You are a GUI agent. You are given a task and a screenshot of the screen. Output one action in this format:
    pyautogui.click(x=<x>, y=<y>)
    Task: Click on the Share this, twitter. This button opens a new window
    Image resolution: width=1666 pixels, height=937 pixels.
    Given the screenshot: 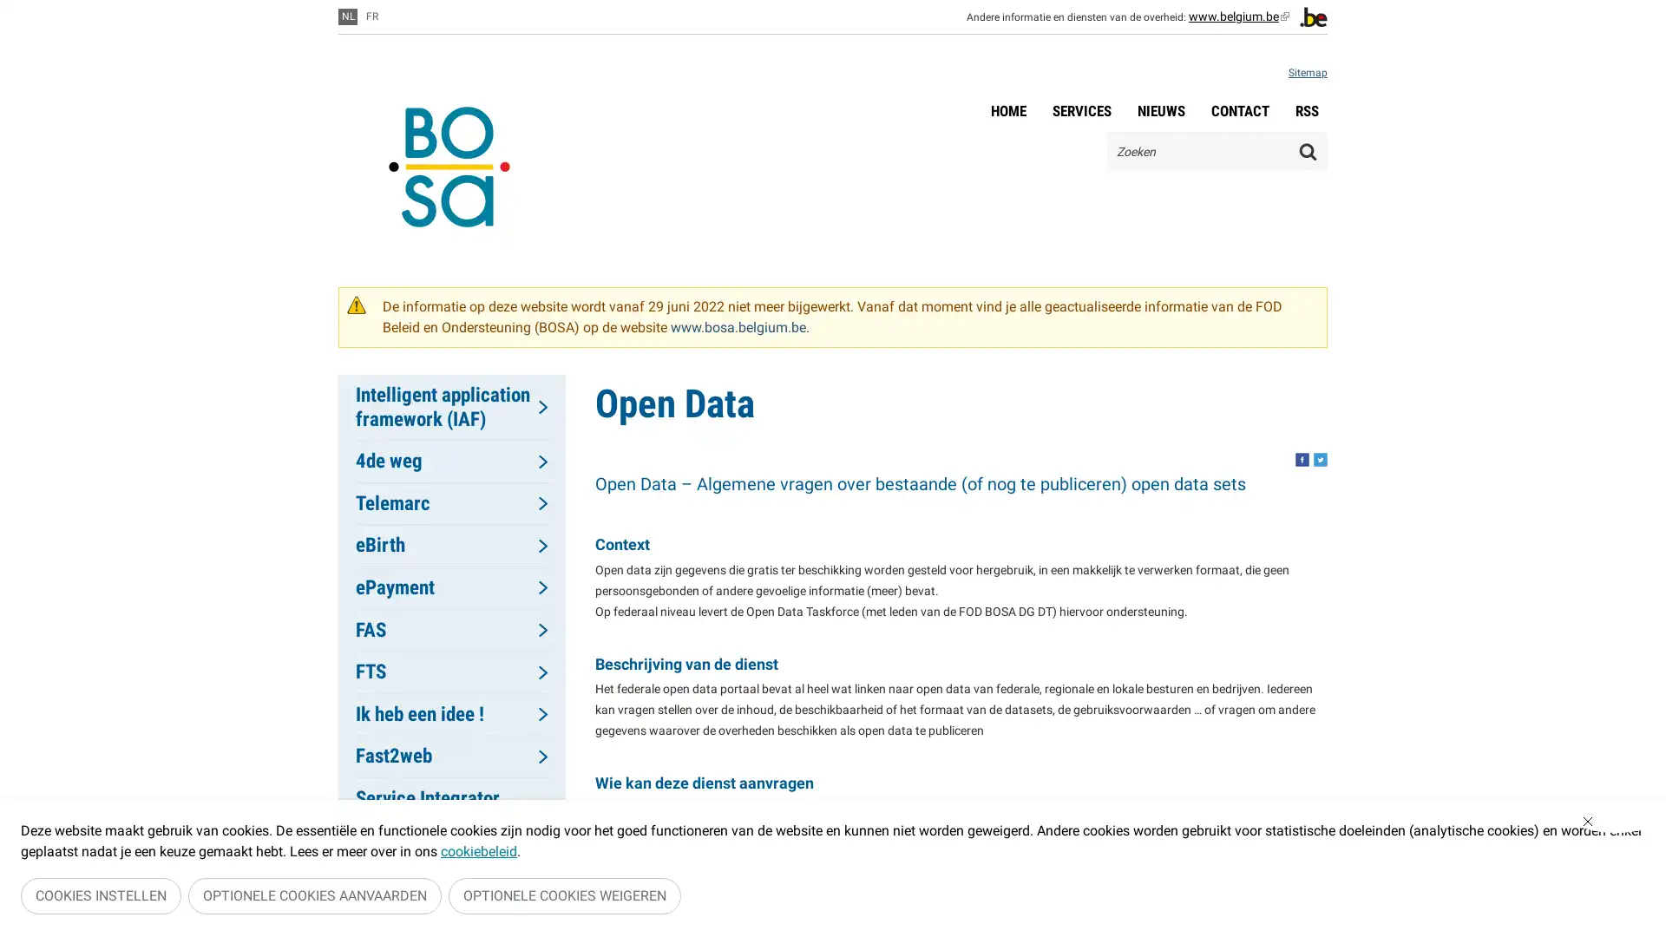 What is the action you would take?
    pyautogui.click(x=1319, y=458)
    